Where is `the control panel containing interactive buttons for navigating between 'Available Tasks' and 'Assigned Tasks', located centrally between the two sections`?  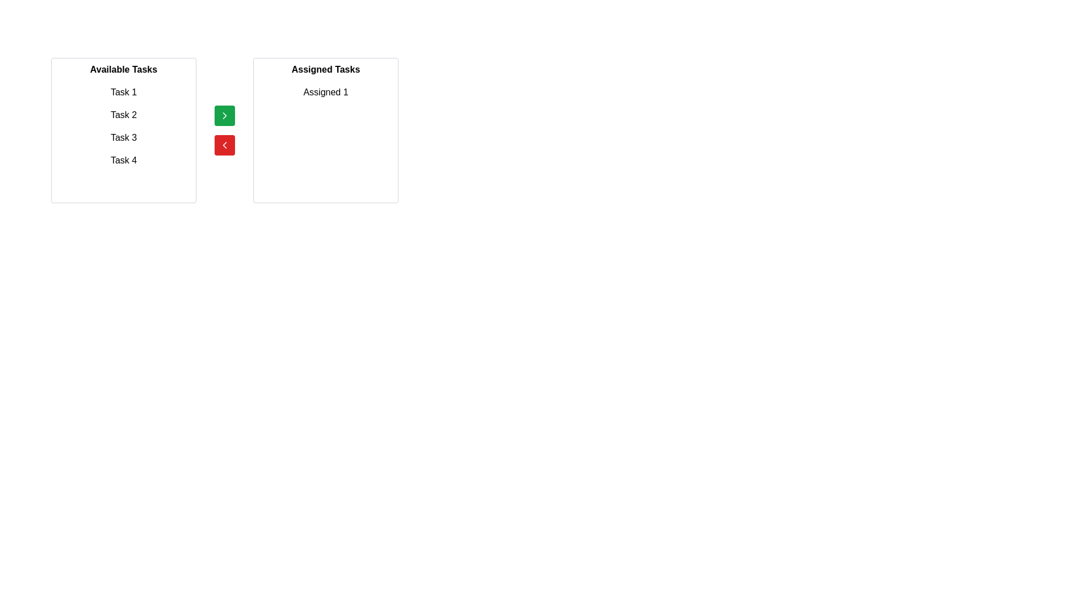 the control panel containing interactive buttons for navigating between 'Available Tasks' and 'Assigned Tasks', located centrally between the two sections is located at coordinates (224, 130).